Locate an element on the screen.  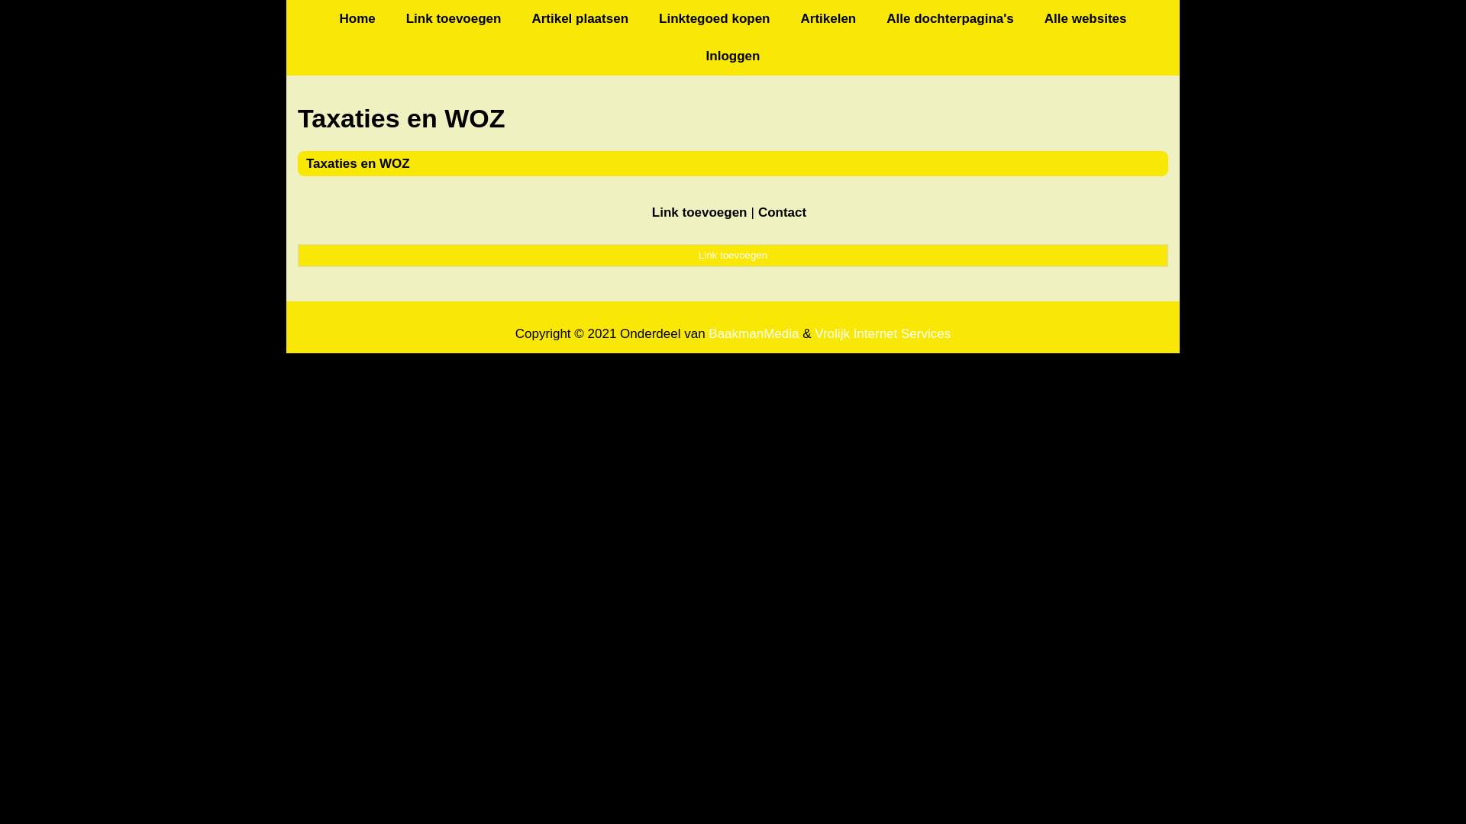
'Vrolijk Internet Services' is located at coordinates (883, 333).